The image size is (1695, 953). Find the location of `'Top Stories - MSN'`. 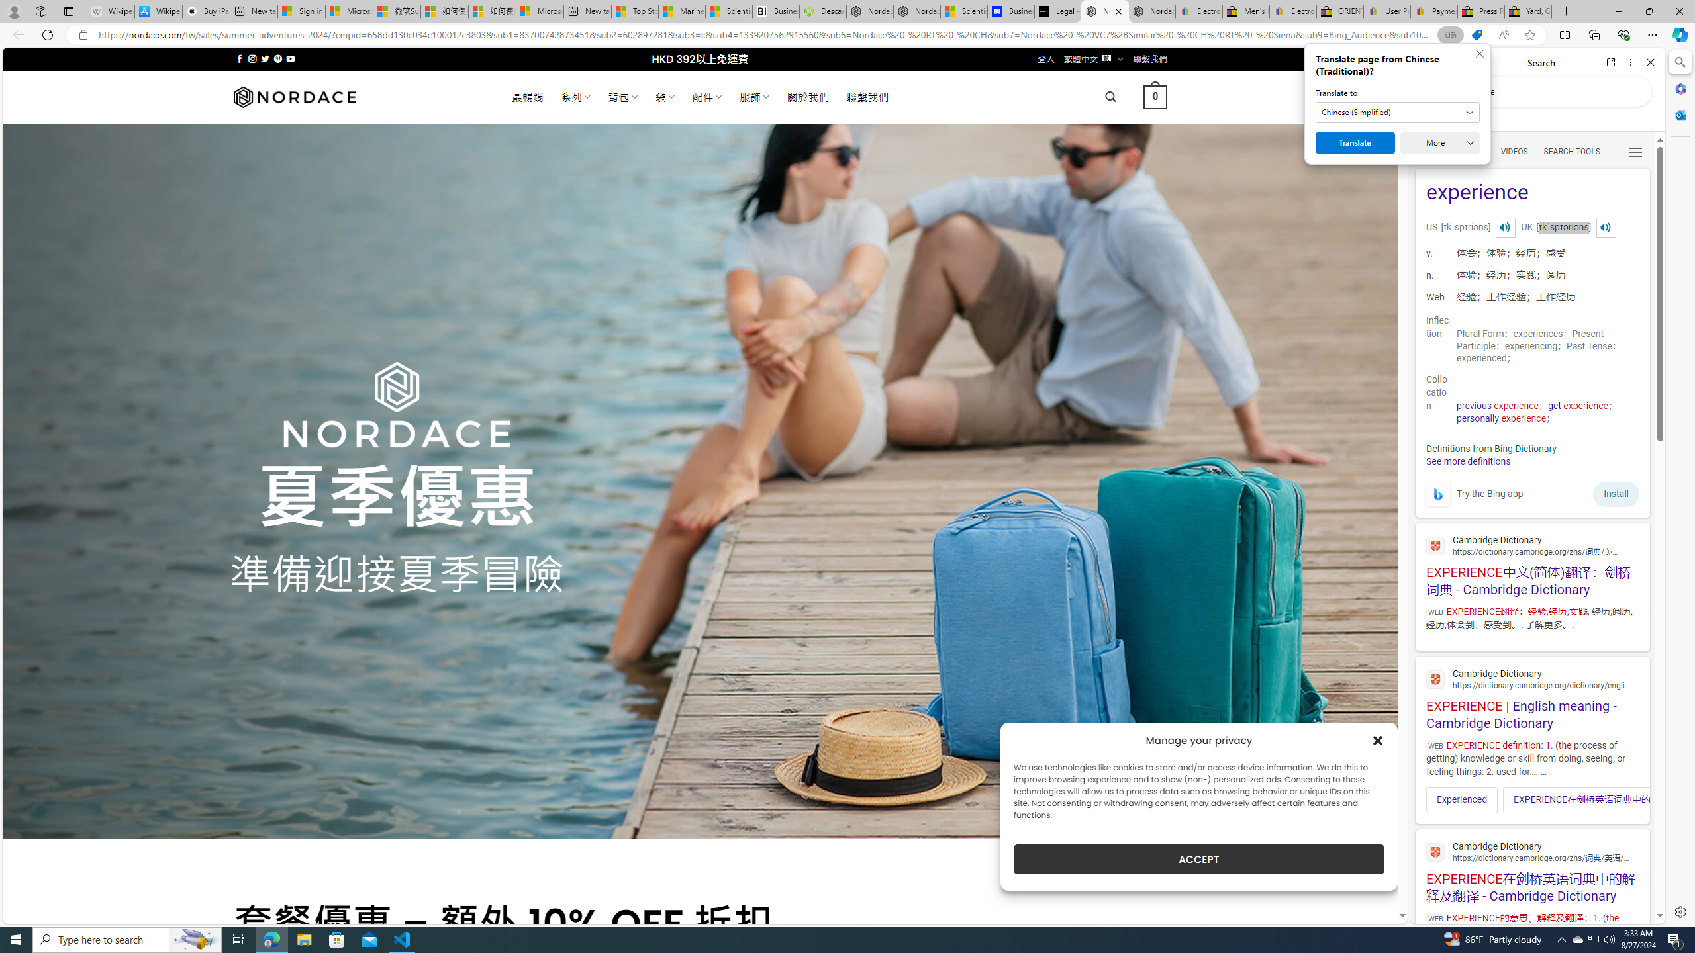

'Top Stories - MSN' is located at coordinates (634, 11).